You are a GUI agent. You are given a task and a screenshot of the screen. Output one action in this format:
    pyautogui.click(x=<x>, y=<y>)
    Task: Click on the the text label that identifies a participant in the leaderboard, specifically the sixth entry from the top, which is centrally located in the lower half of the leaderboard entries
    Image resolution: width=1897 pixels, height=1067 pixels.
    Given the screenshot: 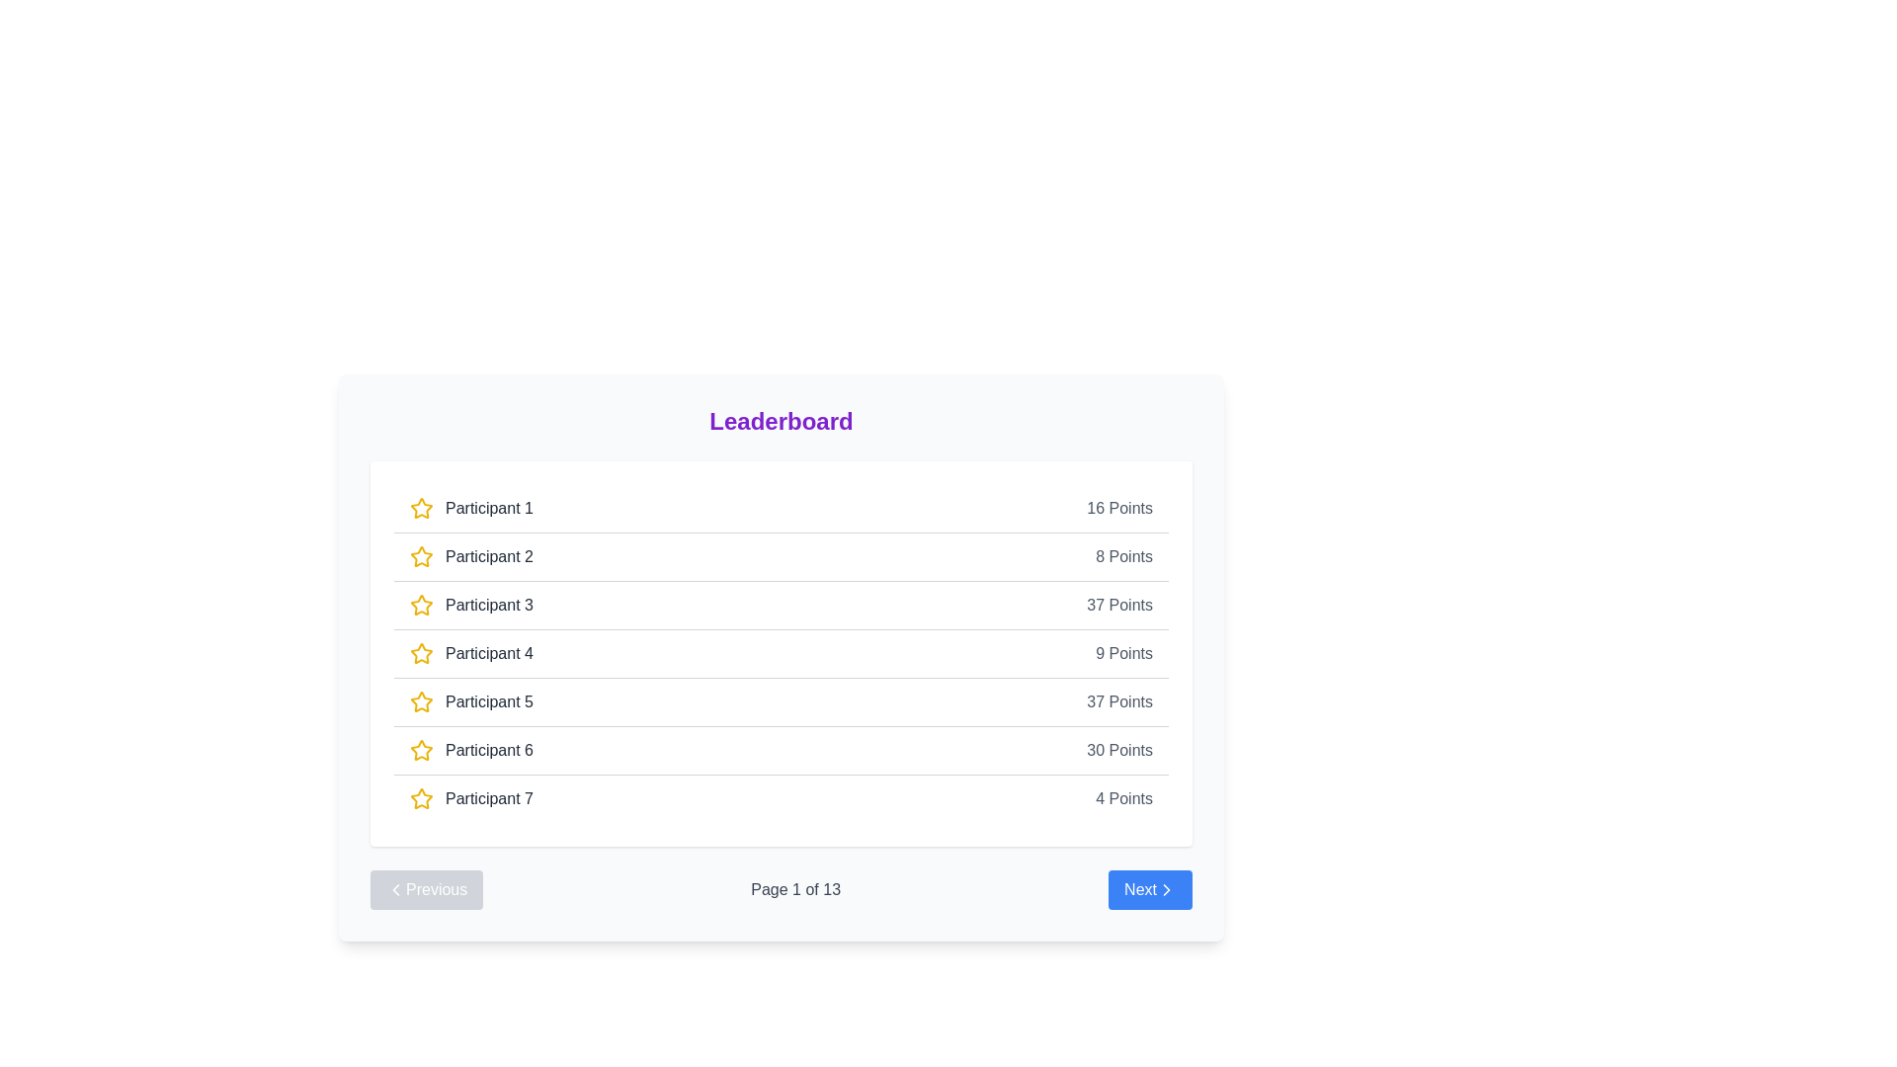 What is the action you would take?
    pyautogui.click(x=489, y=750)
    